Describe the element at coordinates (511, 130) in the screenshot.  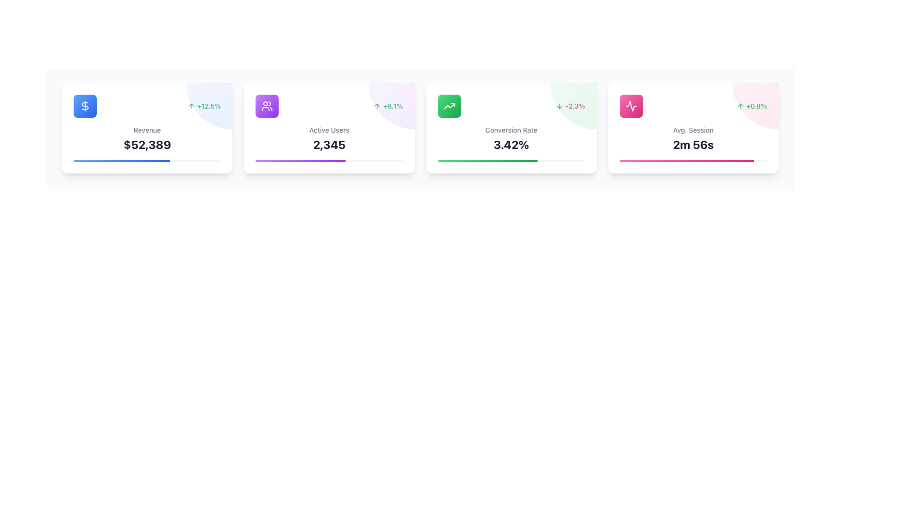
I see `the static text label that indicates the metric for the numerical data '3.42%' in the third card among four horizontally aligned cards` at that location.